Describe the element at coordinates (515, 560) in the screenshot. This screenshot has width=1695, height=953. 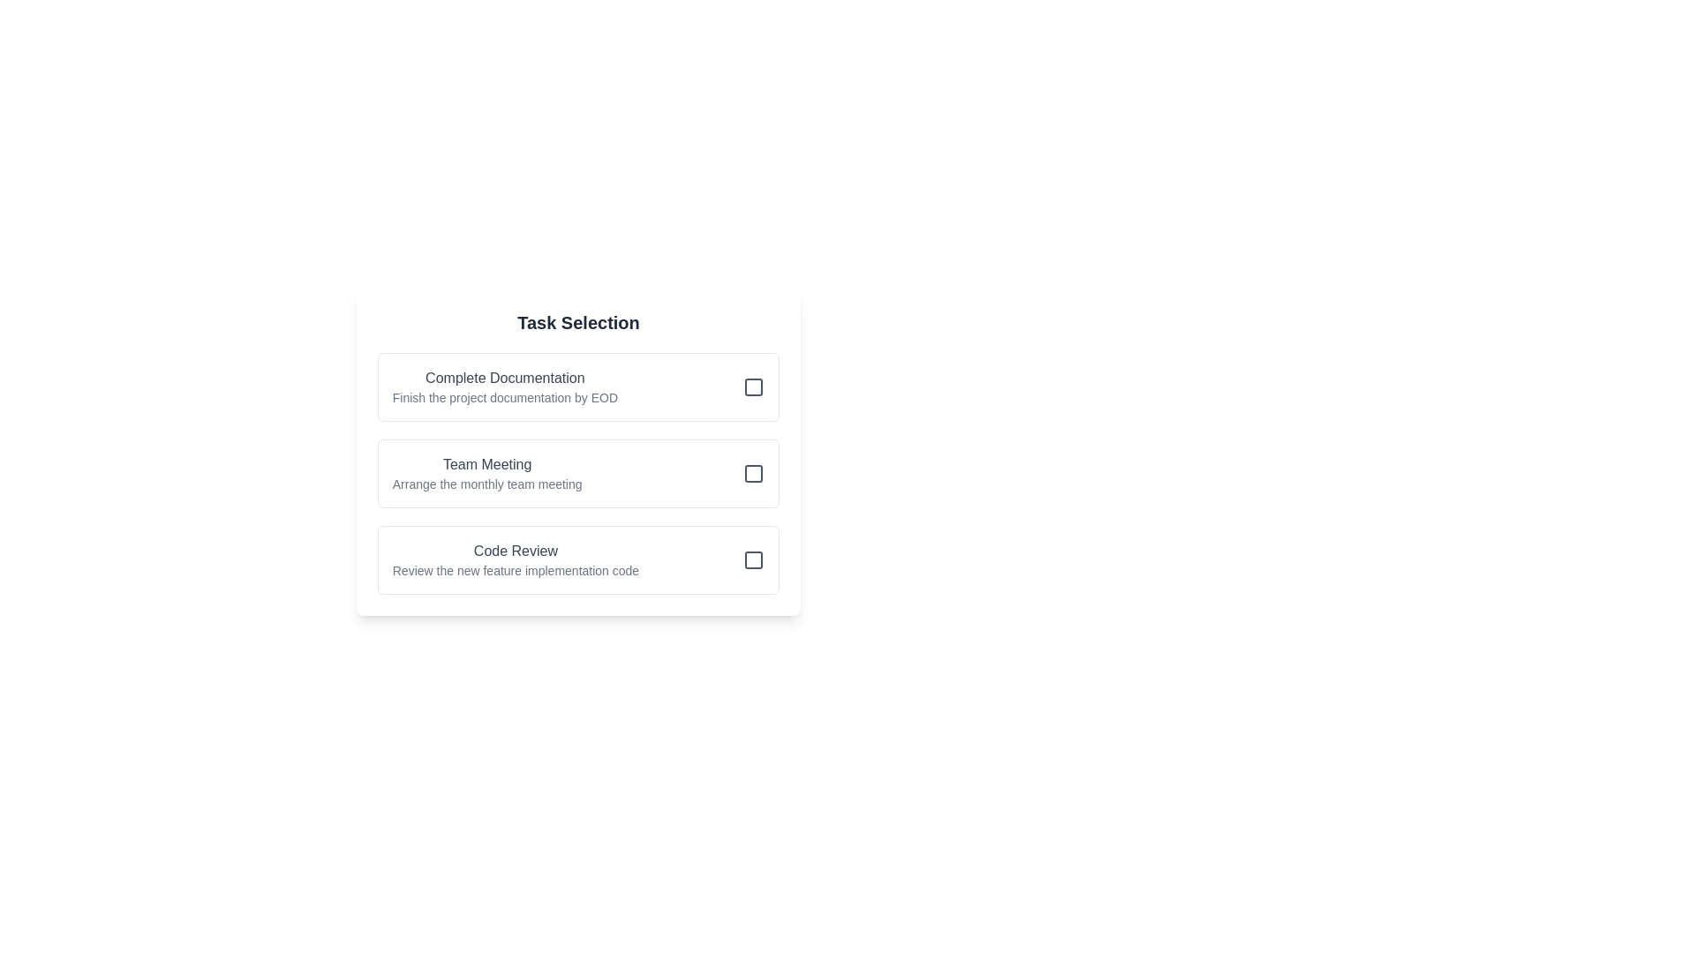
I see `the 'Code Review' text label which consists of a bold title and a smaller gray subtitle, located in the lower section of a group of task items` at that location.